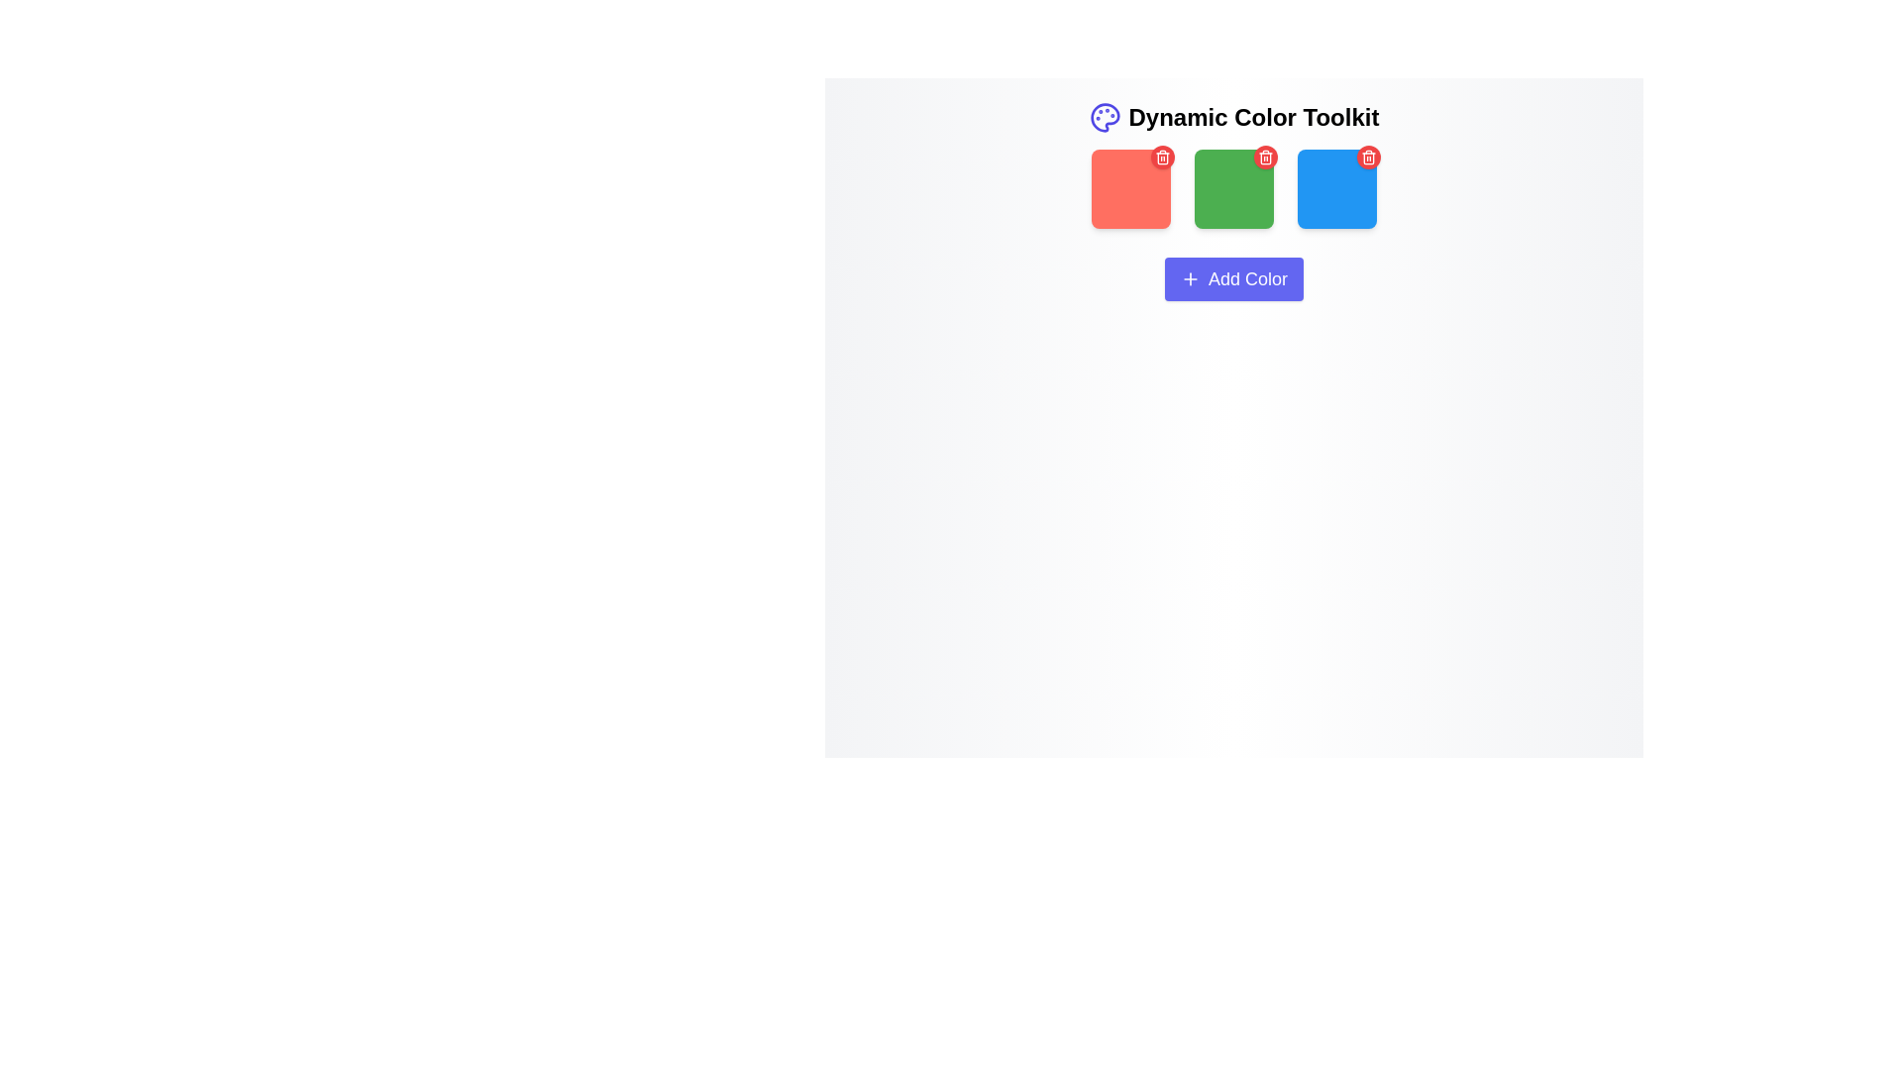 The image size is (1902, 1070). I want to click on the color palette icon located next to the 'Dynamic Color Toolkit' header in the top-left corner of the interface, so click(1104, 118).